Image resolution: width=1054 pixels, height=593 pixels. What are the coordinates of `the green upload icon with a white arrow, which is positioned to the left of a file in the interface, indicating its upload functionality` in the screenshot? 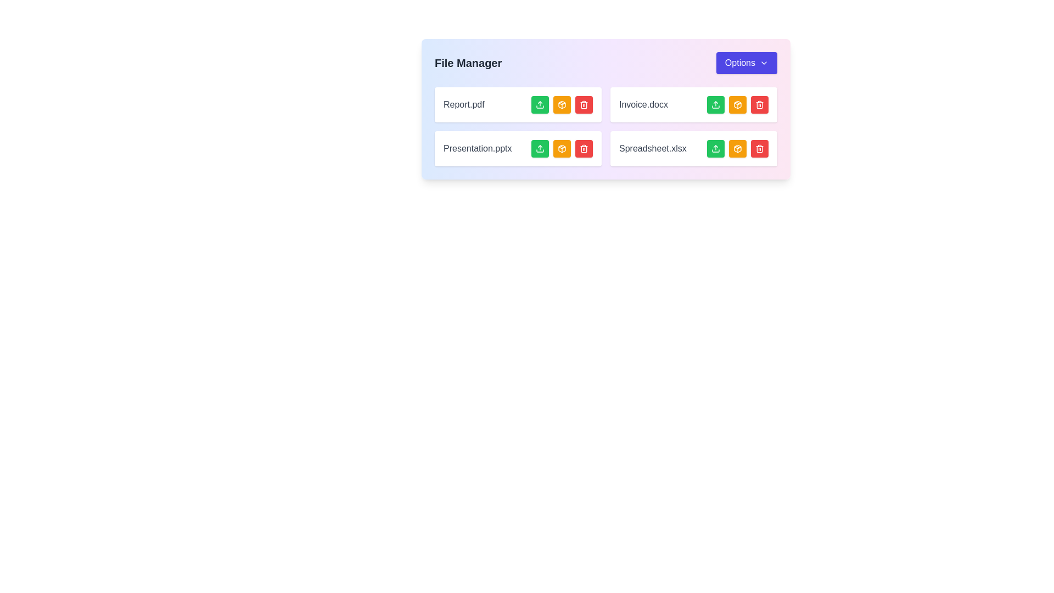 It's located at (716, 105).